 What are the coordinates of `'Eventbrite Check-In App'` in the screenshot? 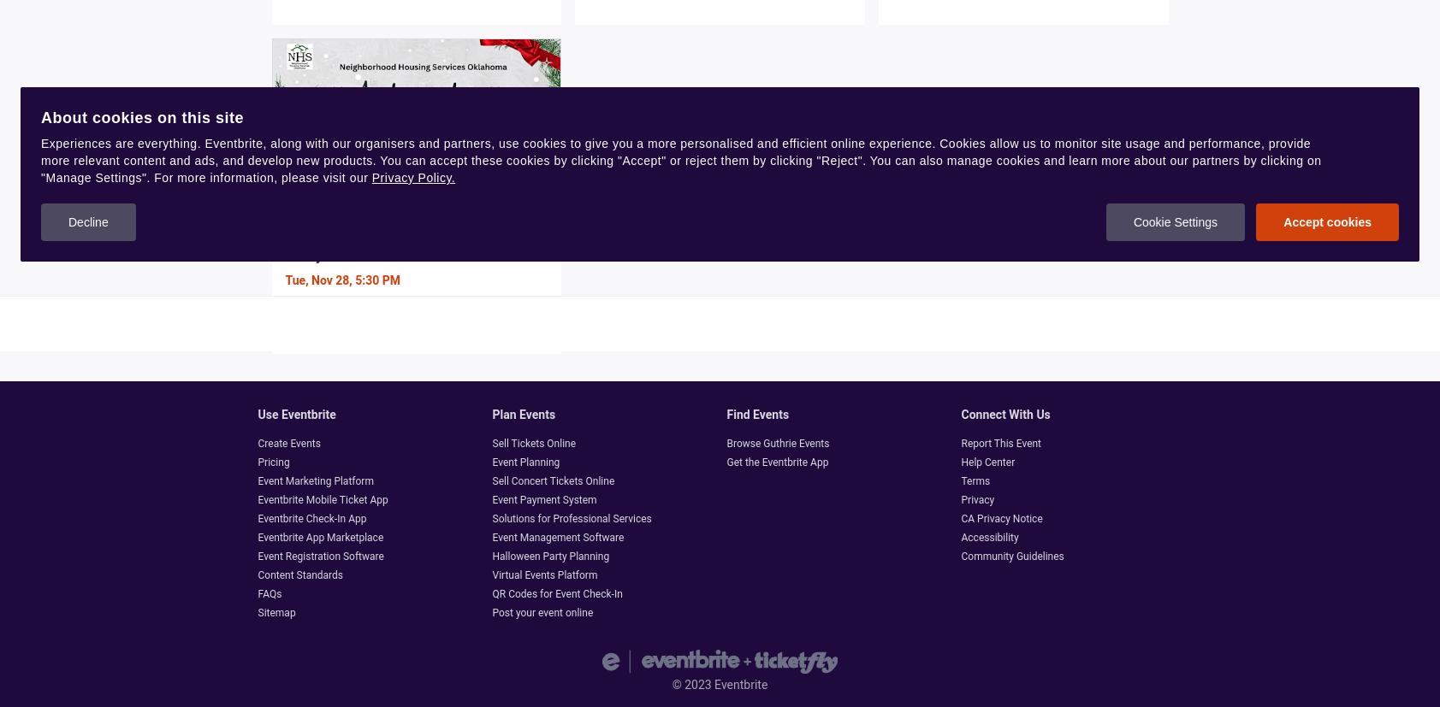 It's located at (311, 518).